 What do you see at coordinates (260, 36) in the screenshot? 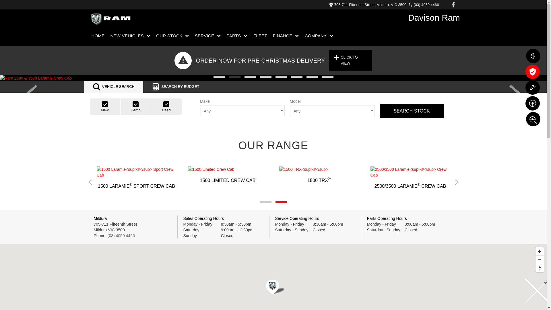
I see `'FLEET'` at bounding box center [260, 36].